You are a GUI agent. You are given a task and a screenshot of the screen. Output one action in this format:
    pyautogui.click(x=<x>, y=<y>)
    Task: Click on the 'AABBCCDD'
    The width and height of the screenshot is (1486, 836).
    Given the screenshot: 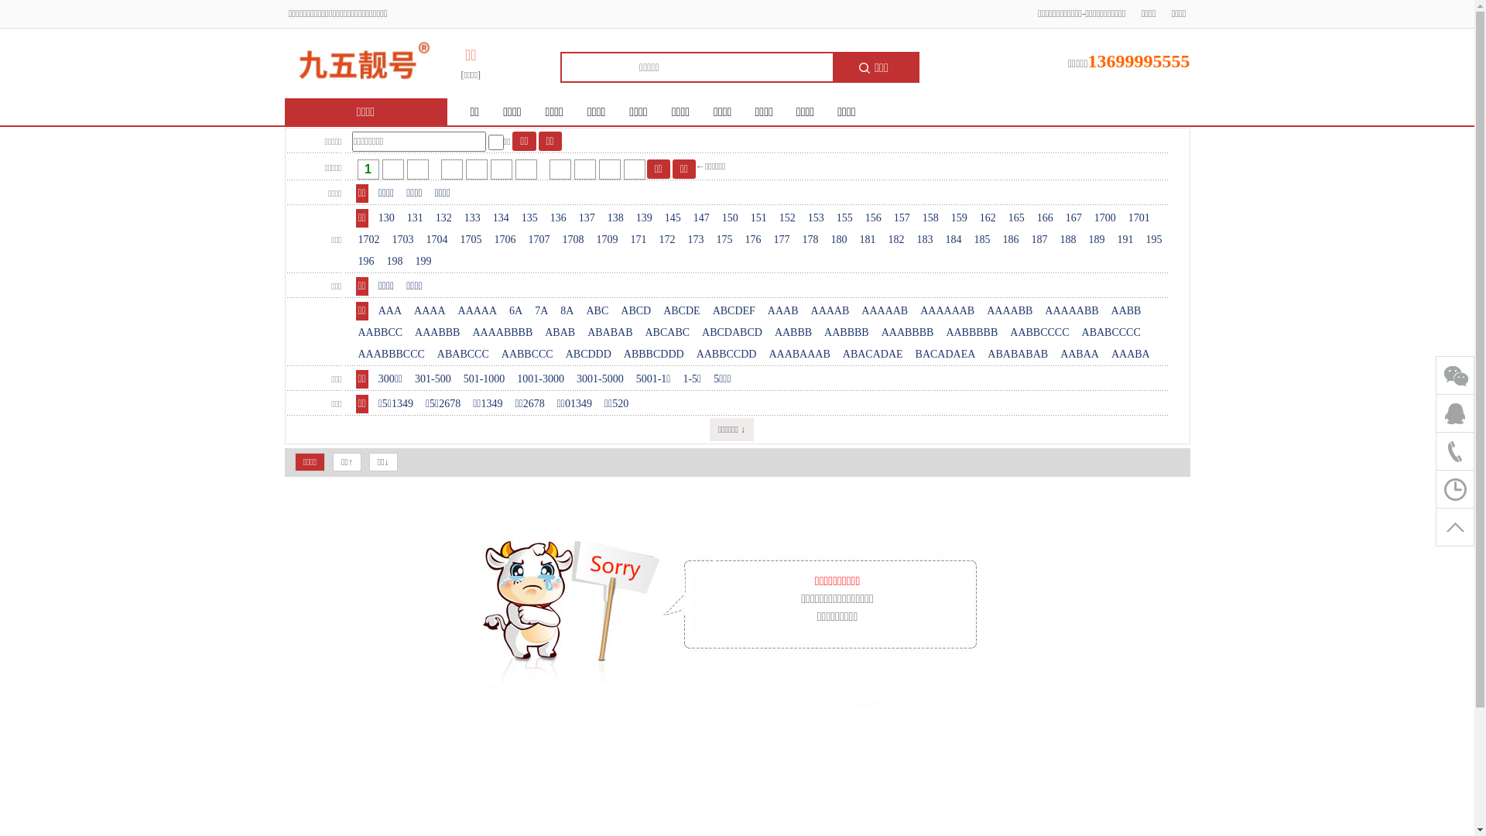 What is the action you would take?
    pyautogui.click(x=693, y=355)
    